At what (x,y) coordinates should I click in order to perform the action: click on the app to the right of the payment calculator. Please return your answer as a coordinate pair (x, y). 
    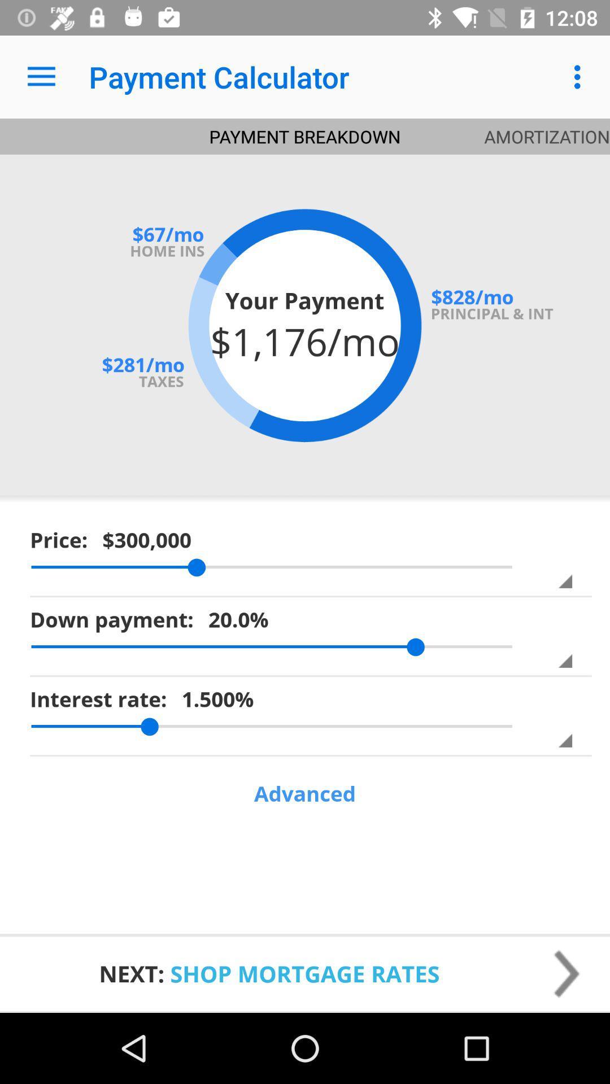
    Looking at the image, I should click on (580, 76).